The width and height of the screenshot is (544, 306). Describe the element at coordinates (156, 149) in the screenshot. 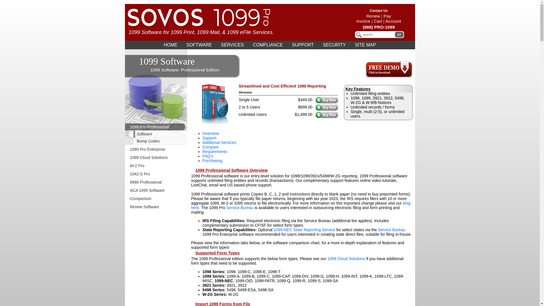

I see `'1099 Pro Enterprise'` at that location.